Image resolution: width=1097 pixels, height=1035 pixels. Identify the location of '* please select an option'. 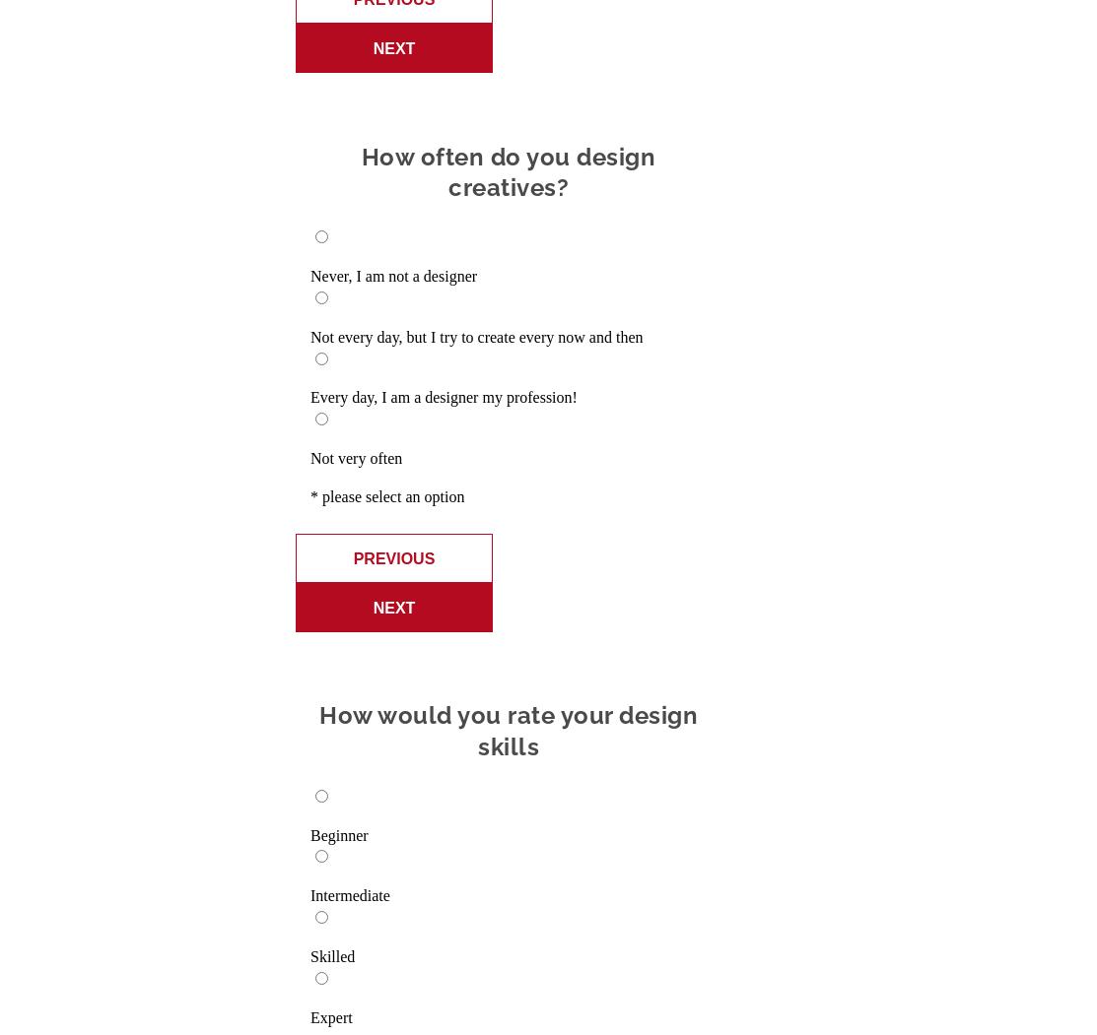
(387, 495).